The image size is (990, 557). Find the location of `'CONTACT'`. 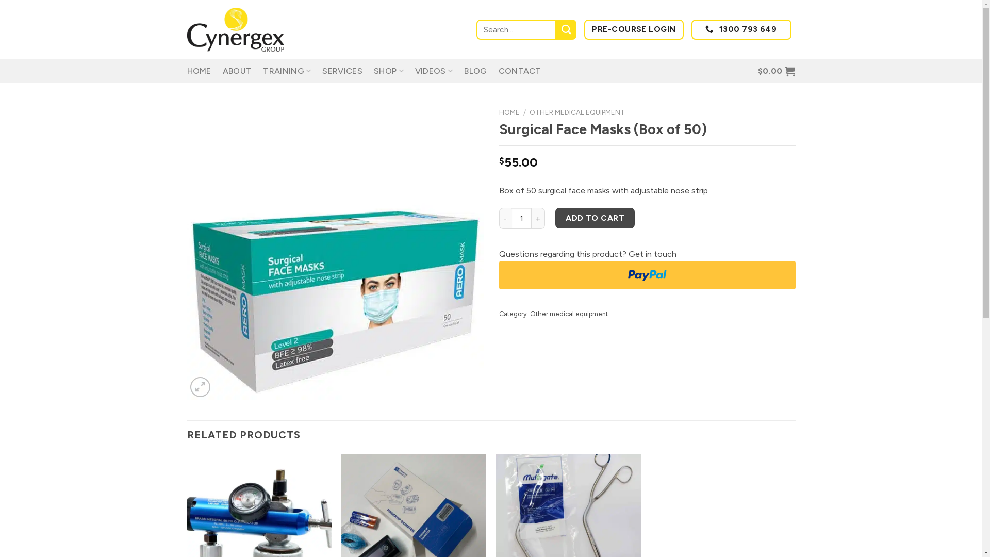

'CONTACT' is located at coordinates (520, 71).